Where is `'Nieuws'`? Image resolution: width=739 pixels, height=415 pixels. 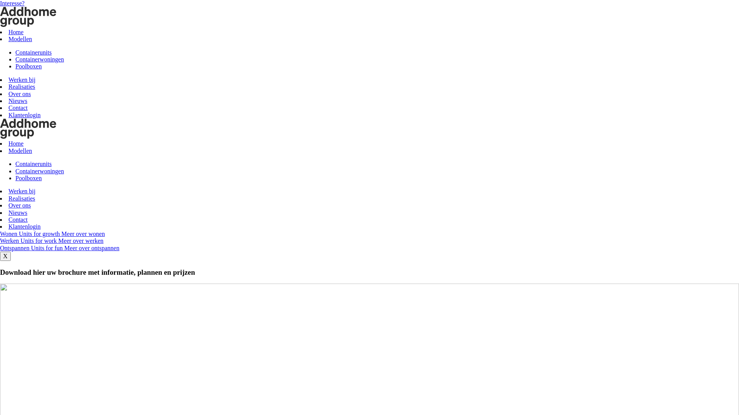
'Nieuws' is located at coordinates (18, 100).